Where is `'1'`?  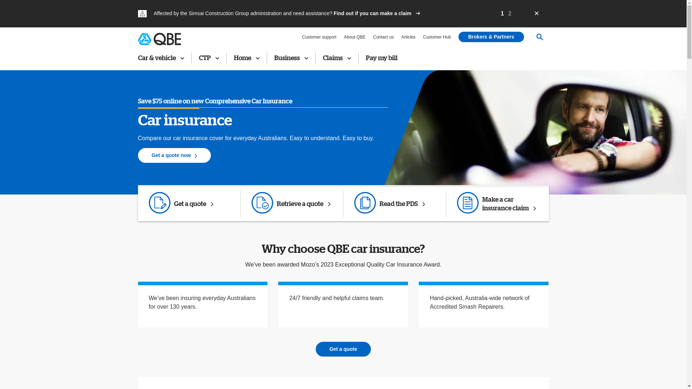
'1' is located at coordinates (502, 14).